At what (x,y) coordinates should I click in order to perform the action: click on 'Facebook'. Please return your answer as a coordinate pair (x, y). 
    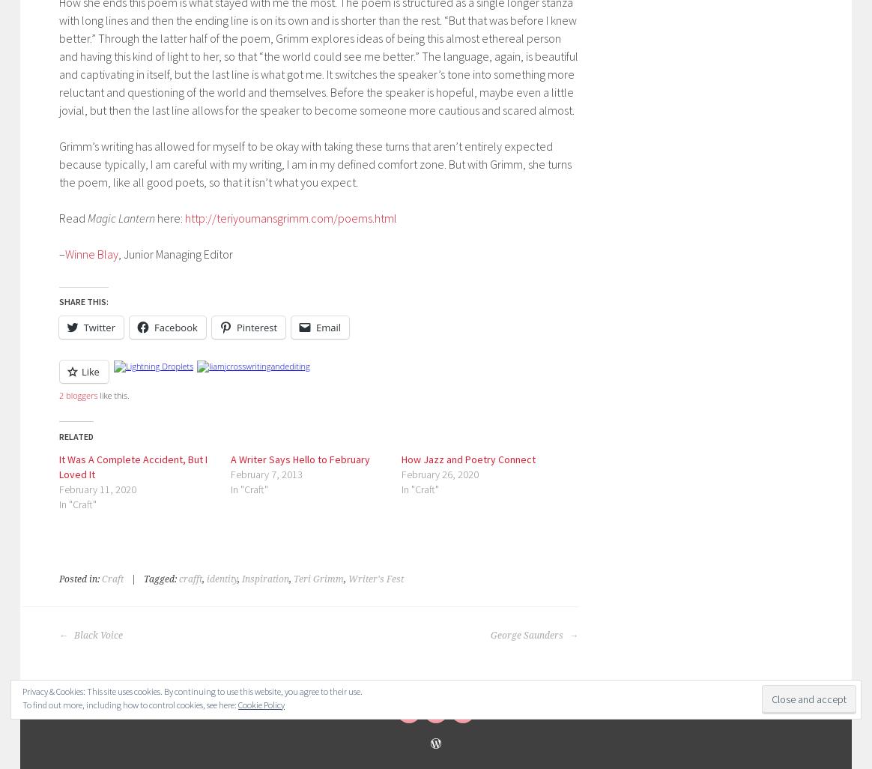
    Looking at the image, I should click on (175, 327).